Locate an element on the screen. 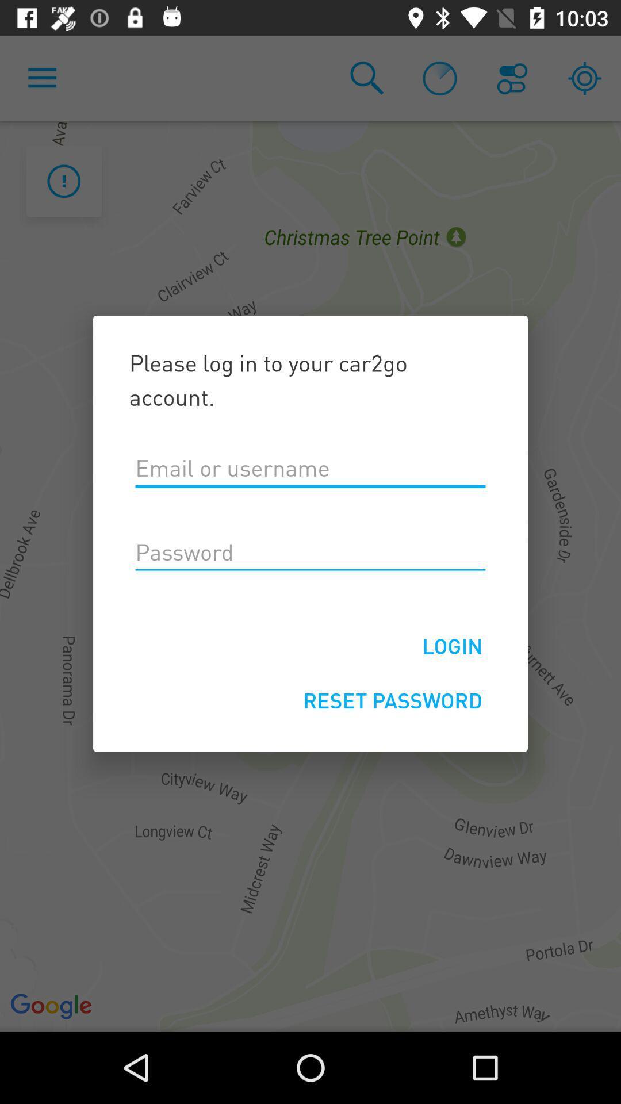 The image size is (621, 1104). type password is located at coordinates (310, 553).